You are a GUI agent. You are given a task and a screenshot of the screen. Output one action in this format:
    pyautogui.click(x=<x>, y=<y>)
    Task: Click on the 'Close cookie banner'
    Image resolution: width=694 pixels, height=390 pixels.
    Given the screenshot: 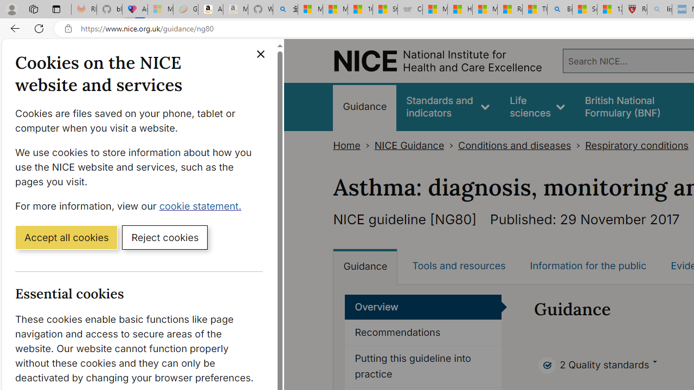 What is the action you would take?
    pyautogui.click(x=260, y=54)
    